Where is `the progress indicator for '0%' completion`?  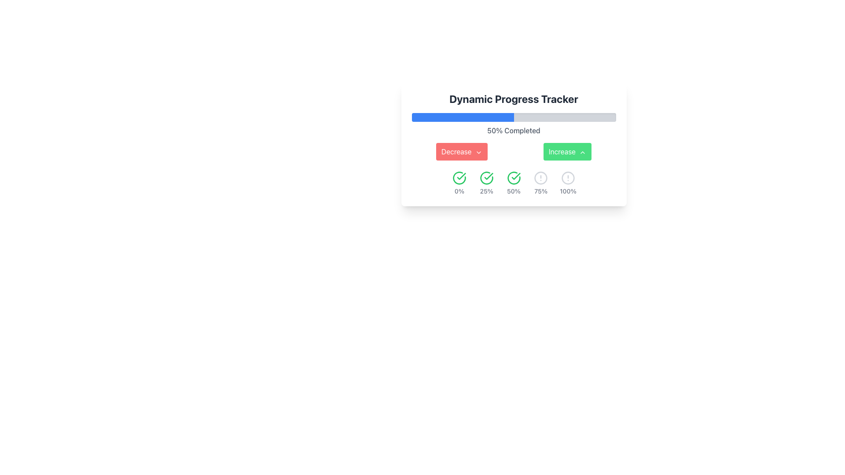 the progress indicator for '0%' completion is located at coordinates (459, 183).